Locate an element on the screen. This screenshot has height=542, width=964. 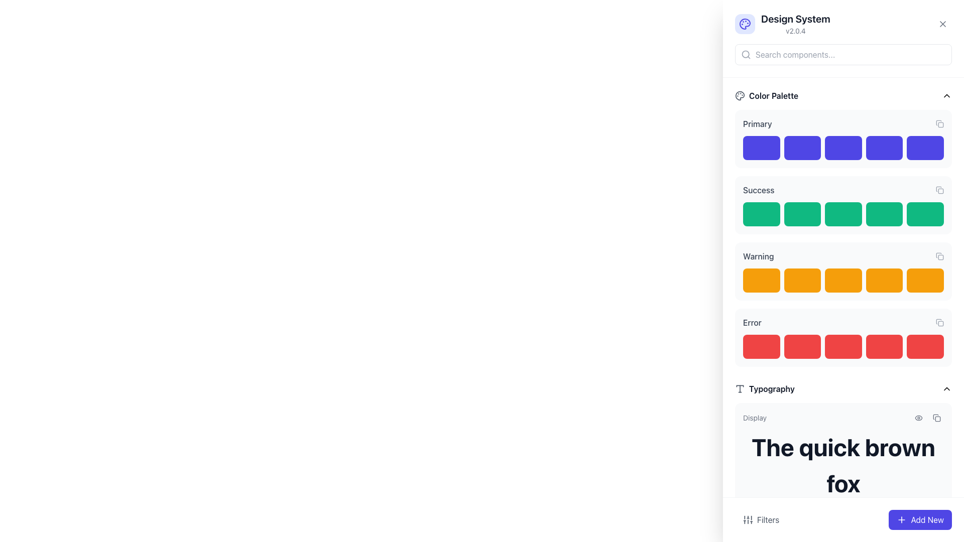
the text-based label with an icon located in the right-hand panel within the 'Typography' section, positioned below the 'Error' color palette and above the display preview section to associate it with its section is located at coordinates (764, 388).